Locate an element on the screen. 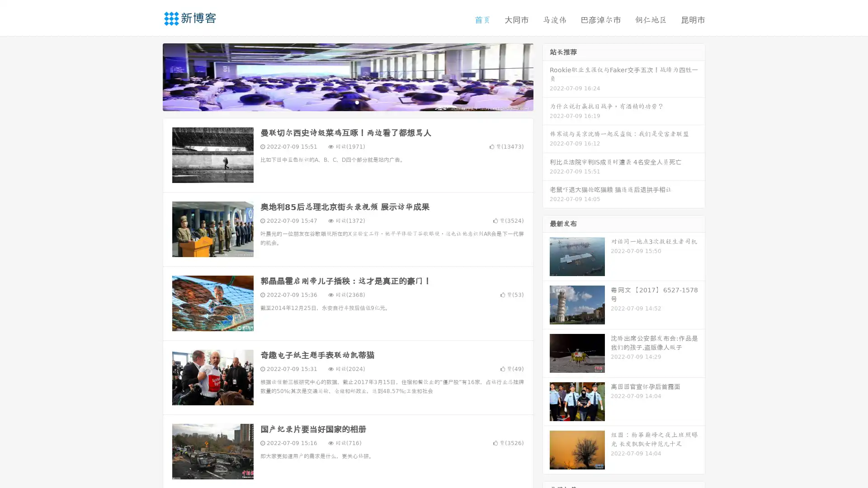 This screenshot has height=488, width=868. Go to slide 1 is located at coordinates (338, 102).